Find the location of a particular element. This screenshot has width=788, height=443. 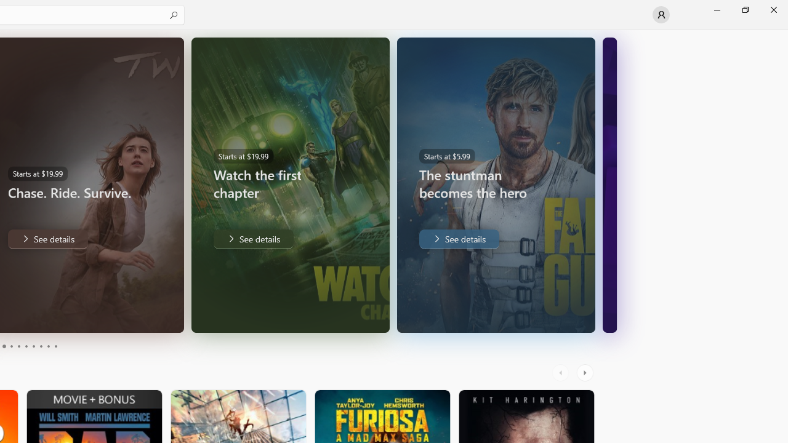

'Page 4' is located at coordinates (10, 346).